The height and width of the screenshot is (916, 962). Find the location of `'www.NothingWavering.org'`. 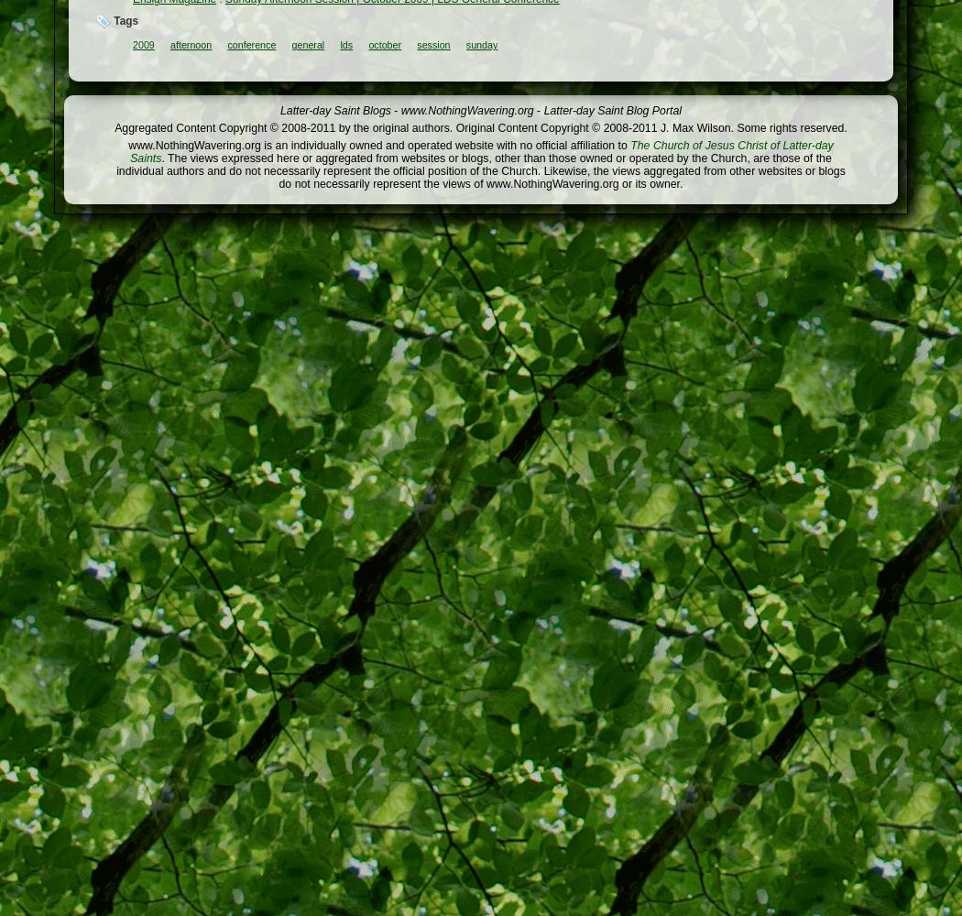

'www.NothingWavering.org' is located at coordinates (465, 110).